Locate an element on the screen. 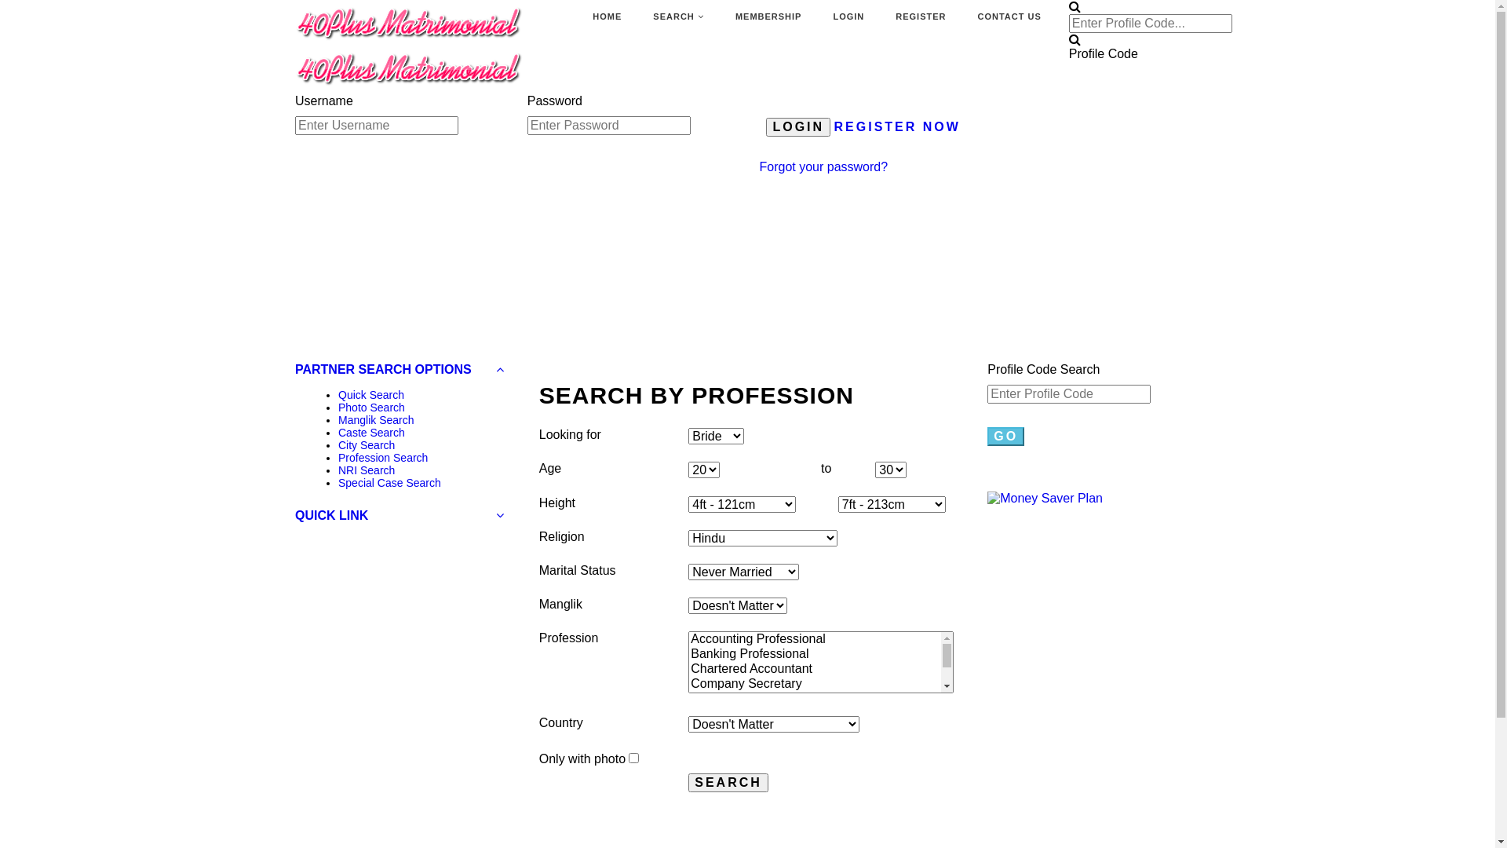 The image size is (1507, 848). 'CONTACT US' is located at coordinates (1009, 17).